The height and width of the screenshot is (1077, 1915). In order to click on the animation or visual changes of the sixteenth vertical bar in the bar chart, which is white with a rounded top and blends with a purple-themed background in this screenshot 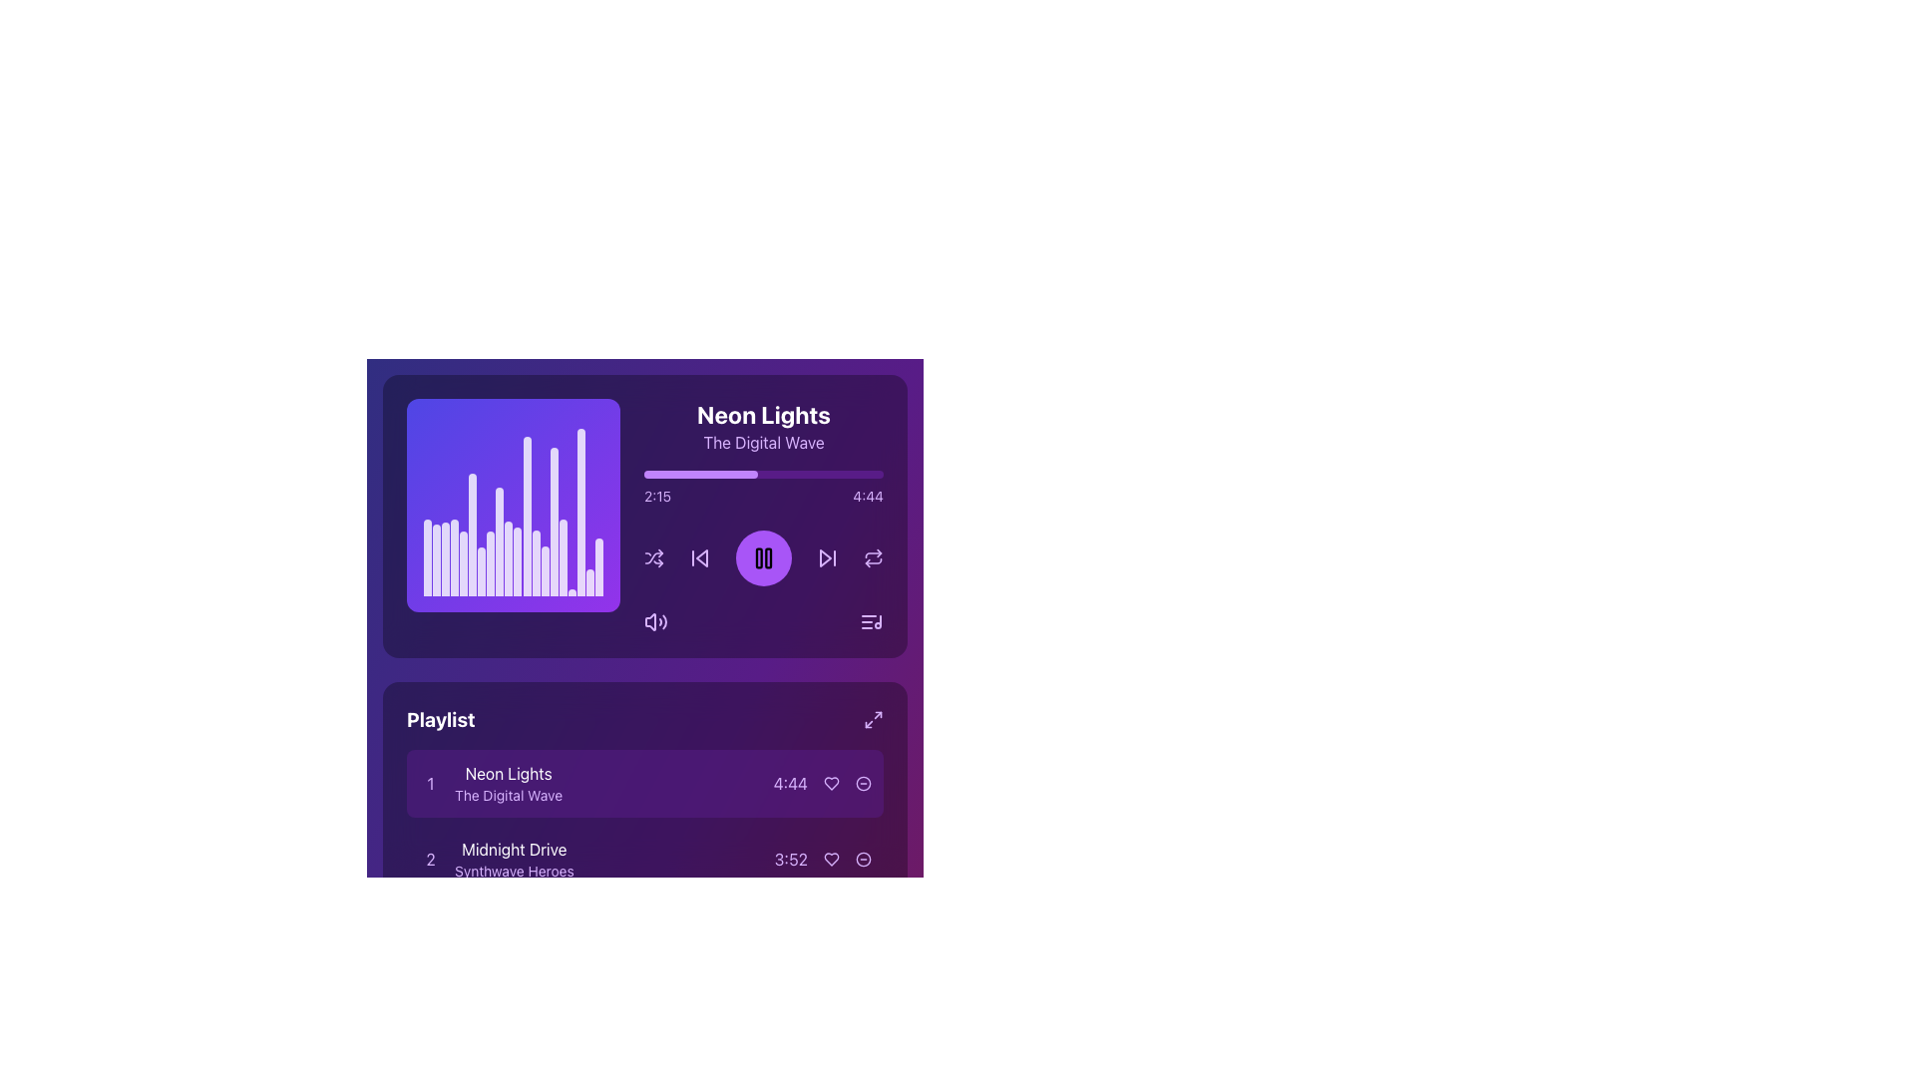, I will do `click(545, 571)`.